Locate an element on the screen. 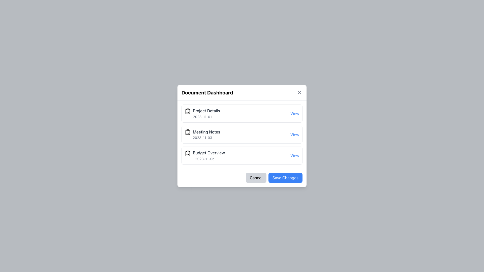  the middle item 'Meeting Notes 2023-11-03' within the modal dialog titled 'Document Dashboard' is located at coordinates (242, 136).